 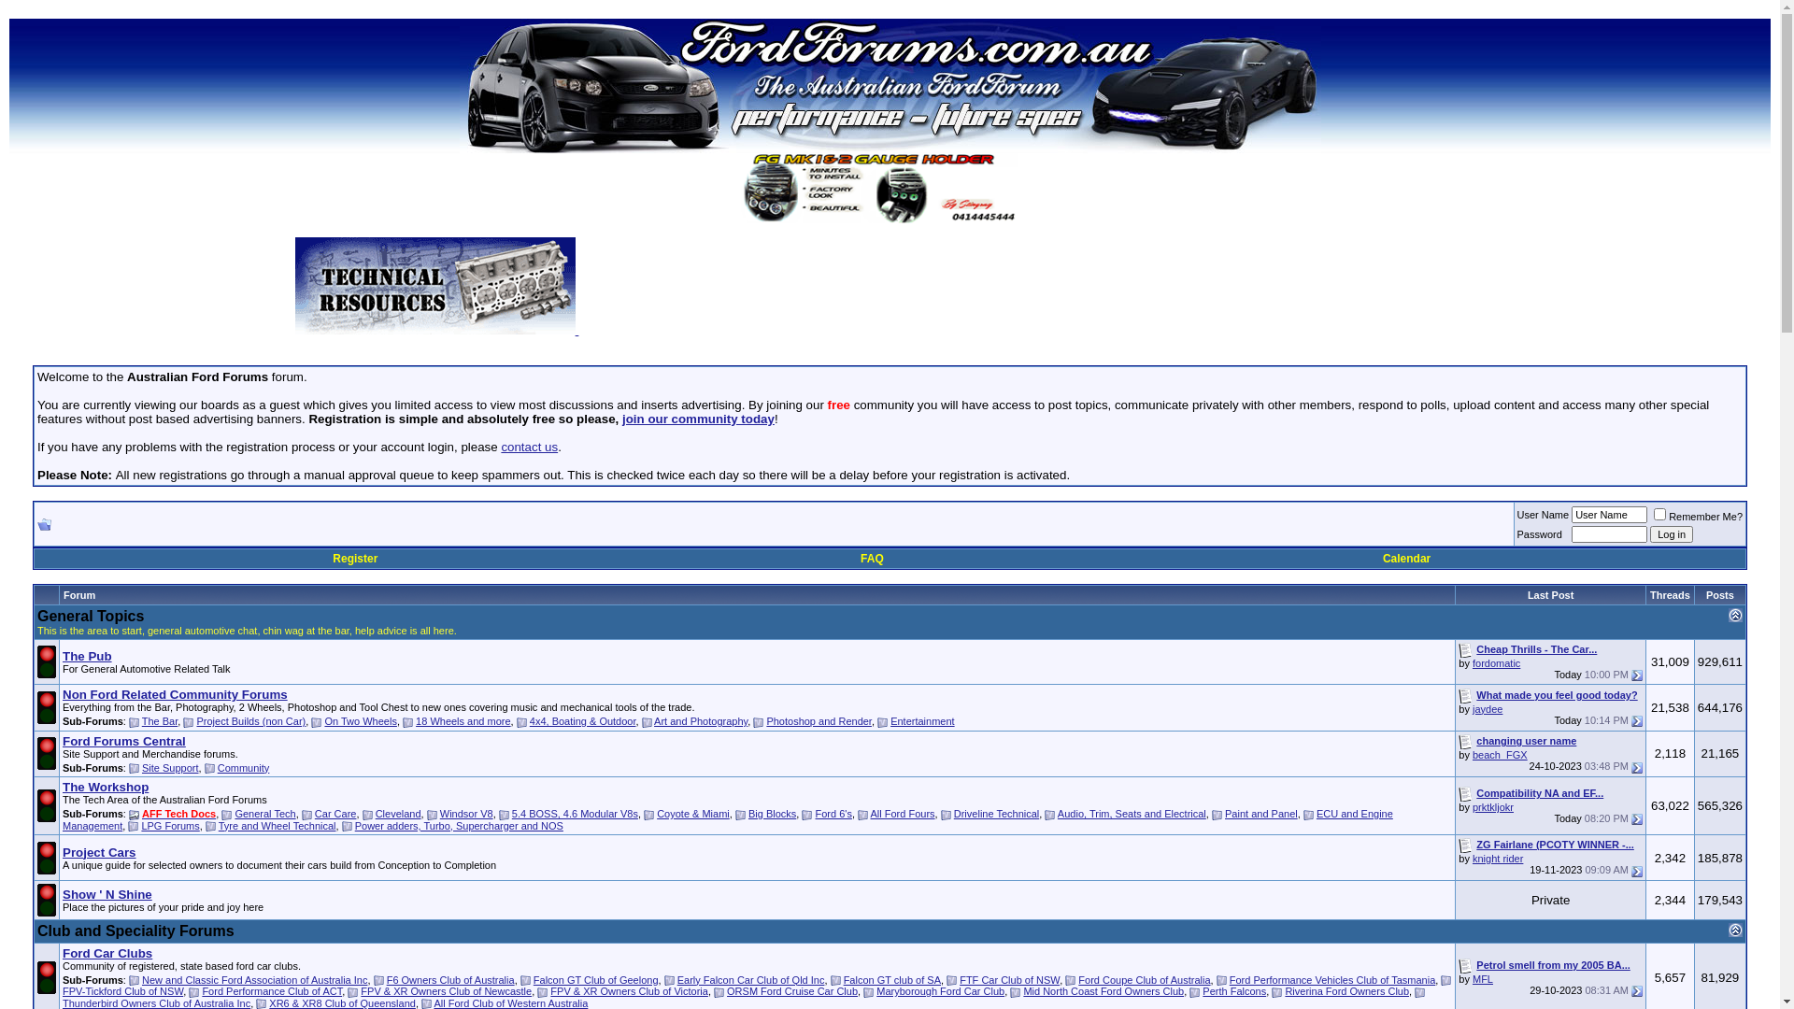 I want to click on 'MFL', so click(x=1482, y=978).